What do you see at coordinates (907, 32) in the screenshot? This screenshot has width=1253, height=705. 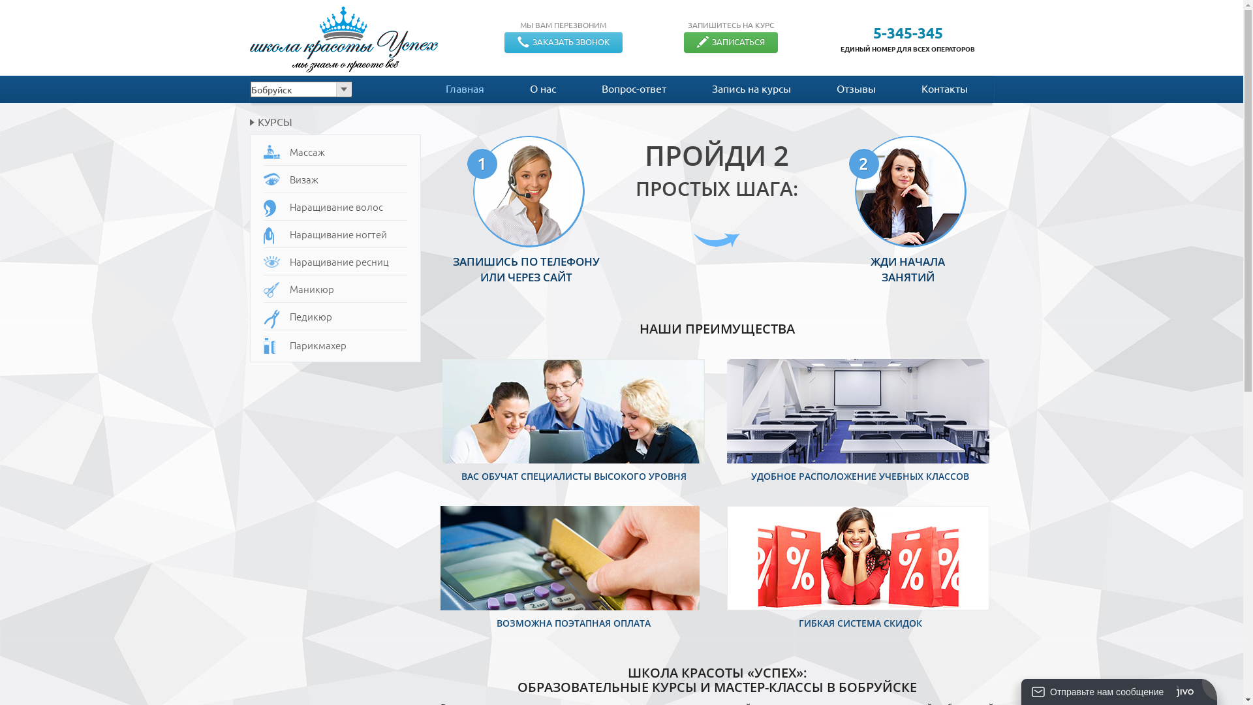 I see `'5-345-345'` at bounding box center [907, 32].